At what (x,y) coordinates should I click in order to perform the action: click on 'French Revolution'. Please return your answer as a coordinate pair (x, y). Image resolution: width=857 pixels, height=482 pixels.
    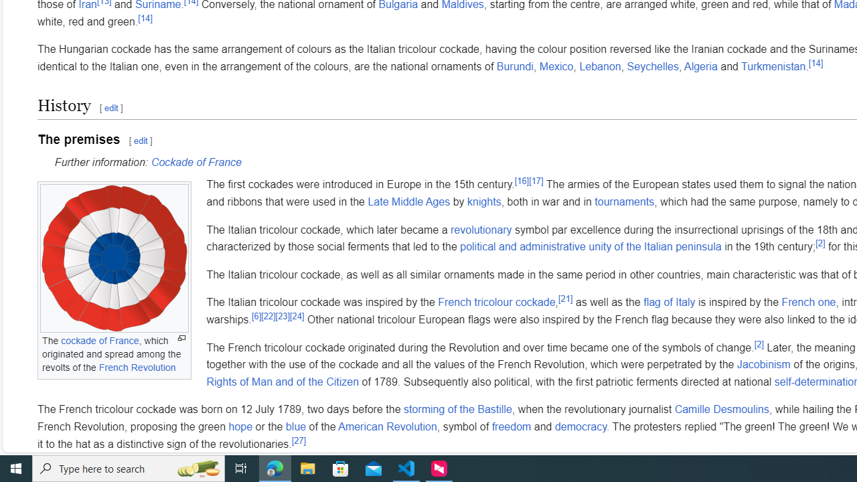
    Looking at the image, I should click on (137, 367).